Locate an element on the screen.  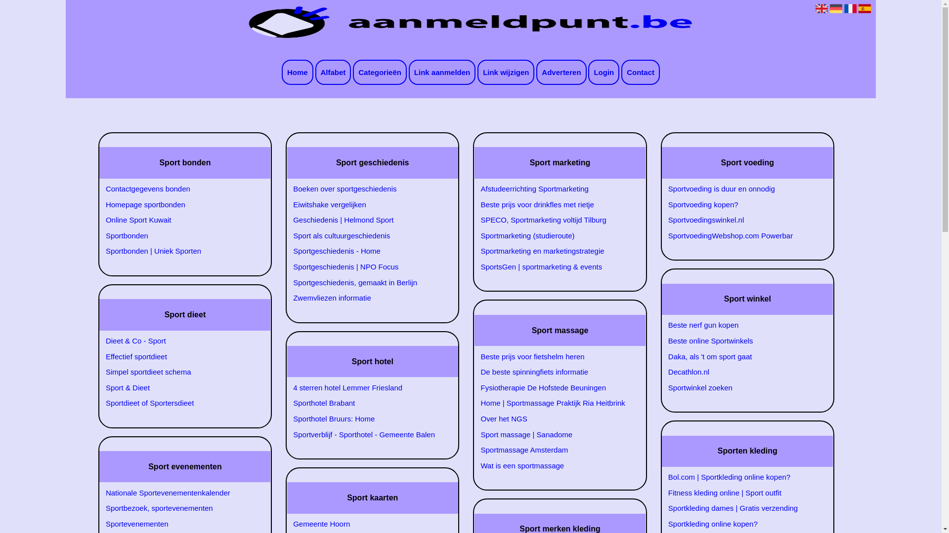
'Contact' is located at coordinates (641, 72).